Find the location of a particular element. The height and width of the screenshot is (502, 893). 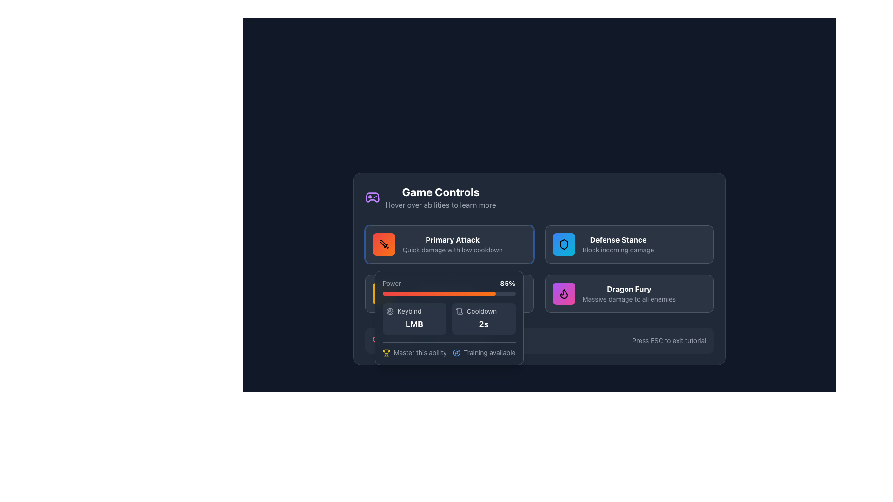

the trophy icon, which is a yellow minimalistic outline representing an award, located to the left of the text 'Master this ability' in the bottom-left area of the main interface is located at coordinates (386, 353).